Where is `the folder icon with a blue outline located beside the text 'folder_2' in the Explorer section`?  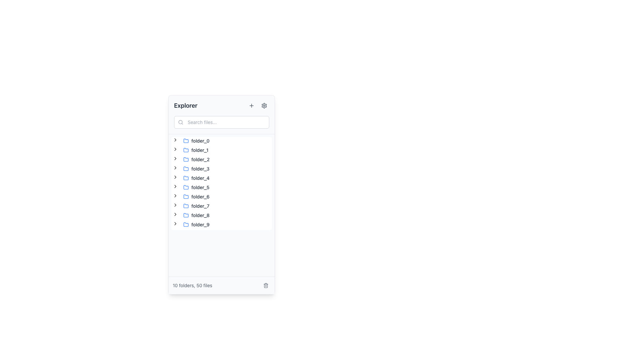
the folder icon with a blue outline located beside the text 'folder_2' in the Explorer section is located at coordinates (186, 159).